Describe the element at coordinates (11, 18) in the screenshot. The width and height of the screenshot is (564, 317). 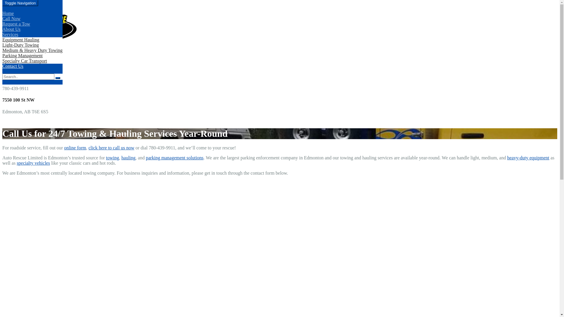
I see `'Call Now'` at that location.